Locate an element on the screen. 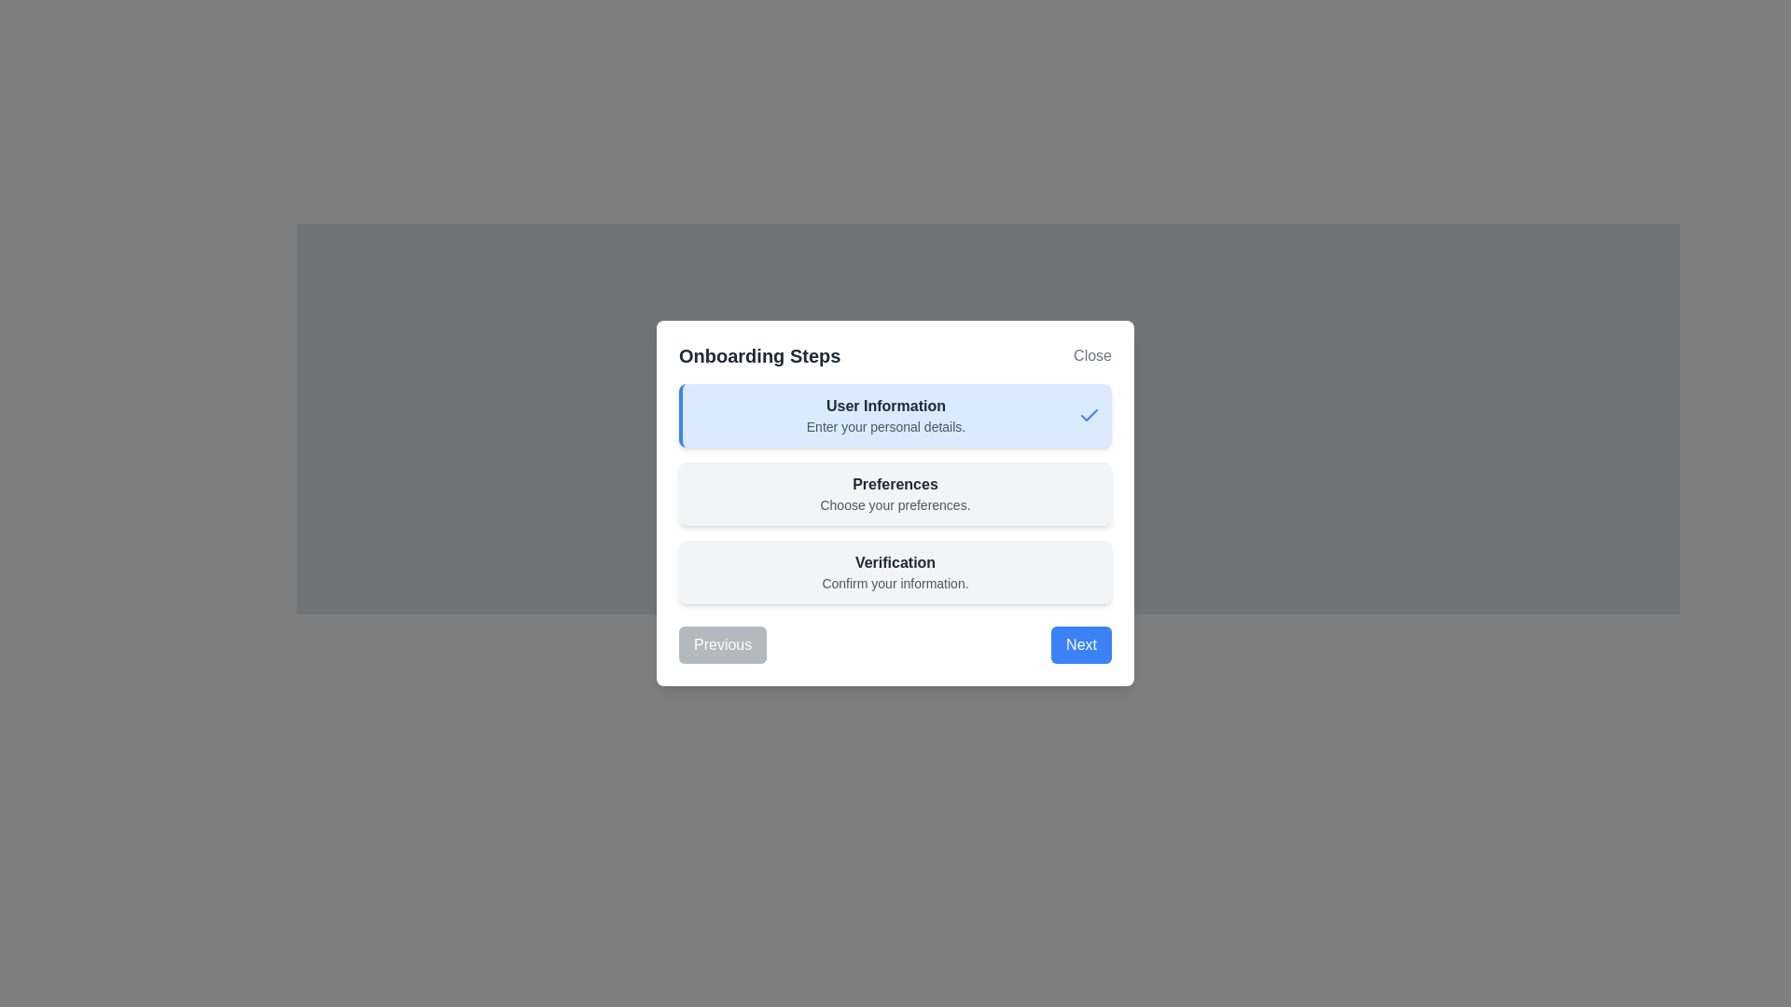 The image size is (1791, 1007). the middle Informational card in the onboarding process is located at coordinates (895, 524).